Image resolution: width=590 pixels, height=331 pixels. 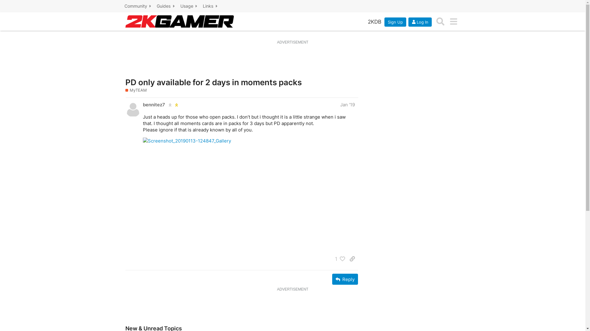 What do you see at coordinates (440, 21) in the screenshot?
I see `'Search'` at bounding box center [440, 21].